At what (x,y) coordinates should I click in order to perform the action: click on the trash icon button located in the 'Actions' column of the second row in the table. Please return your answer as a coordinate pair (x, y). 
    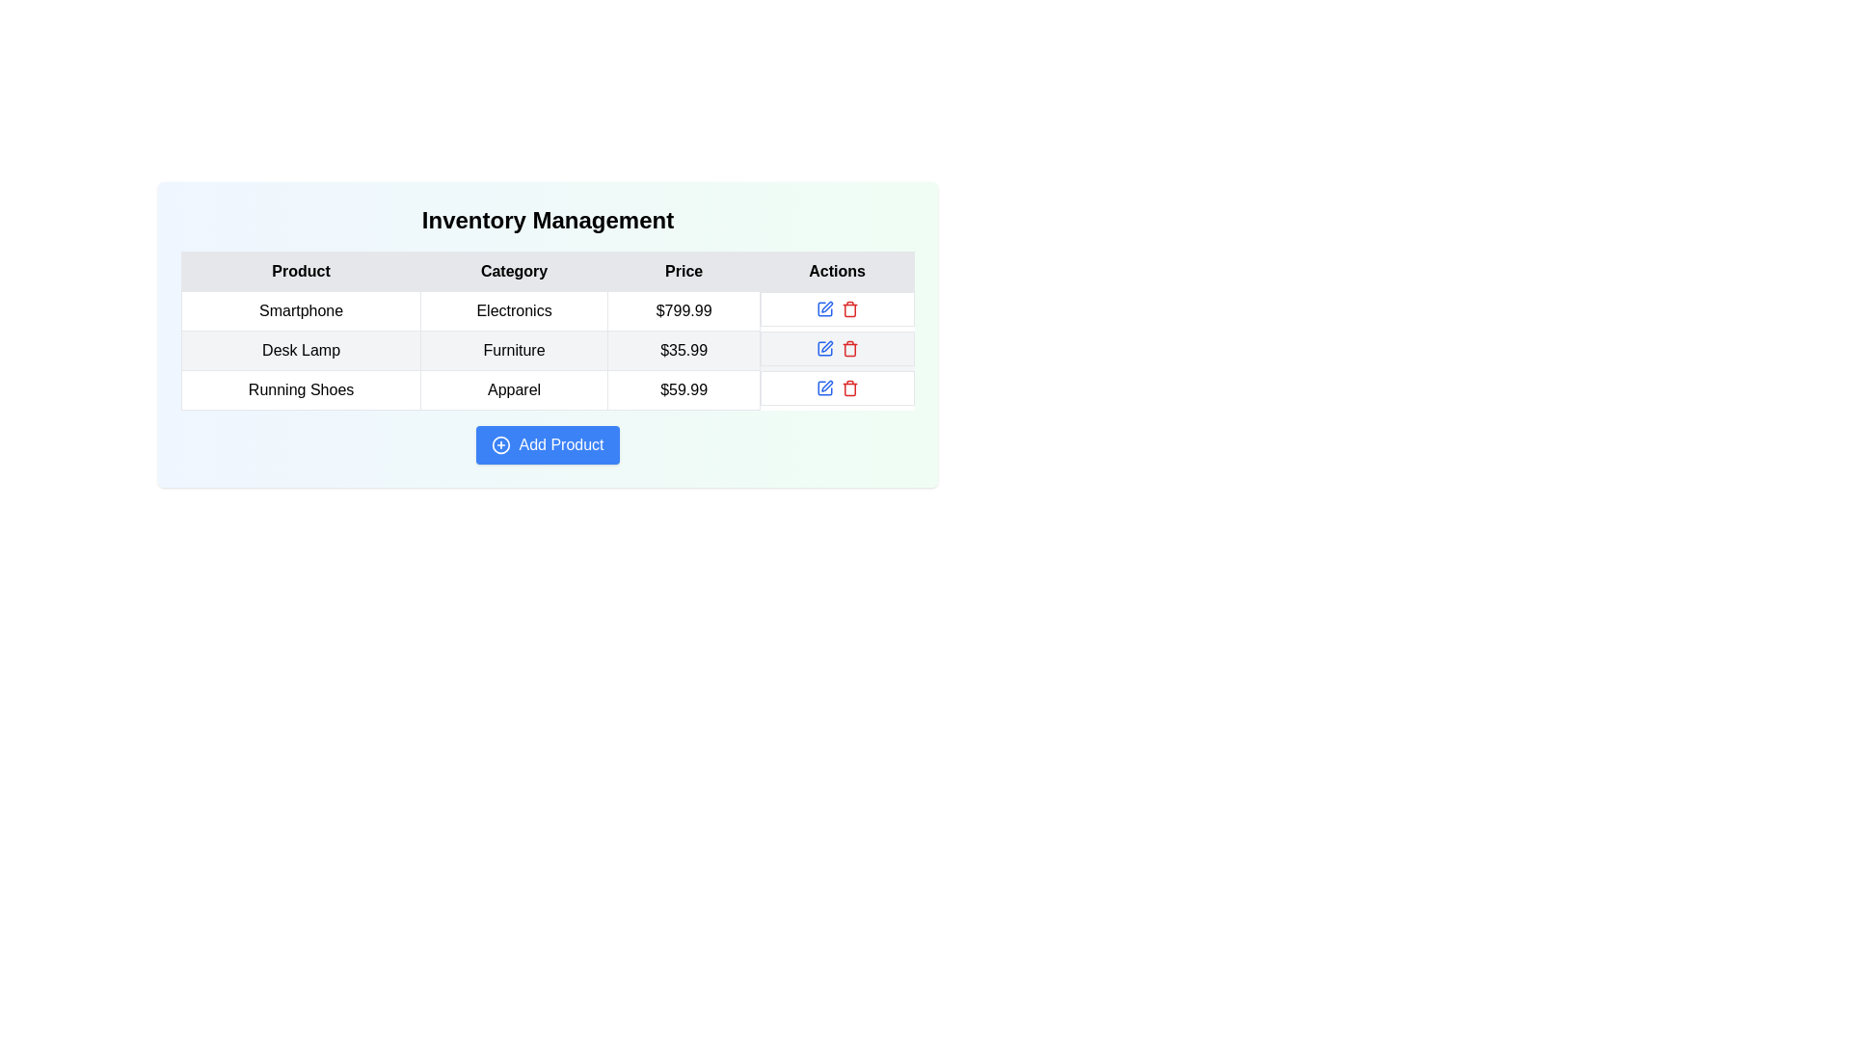
    Looking at the image, I should click on (848, 348).